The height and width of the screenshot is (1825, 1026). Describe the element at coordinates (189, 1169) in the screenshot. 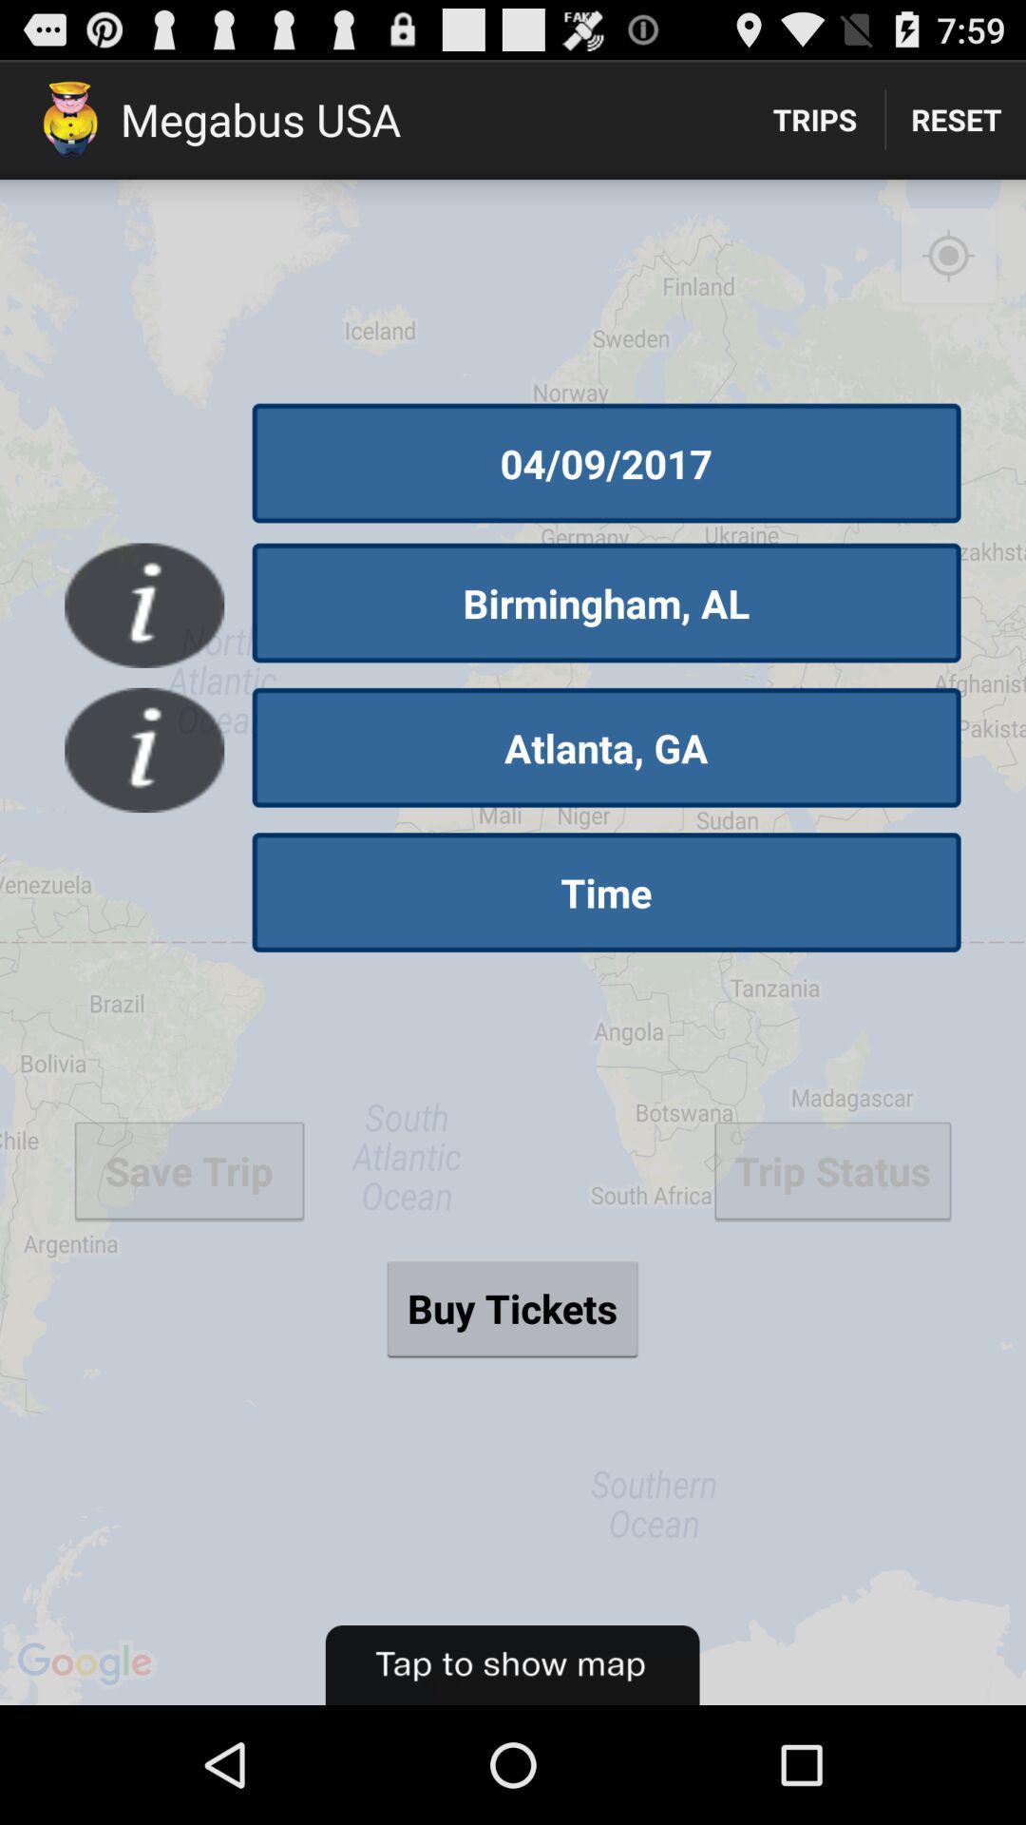

I see `the save trip icon` at that location.